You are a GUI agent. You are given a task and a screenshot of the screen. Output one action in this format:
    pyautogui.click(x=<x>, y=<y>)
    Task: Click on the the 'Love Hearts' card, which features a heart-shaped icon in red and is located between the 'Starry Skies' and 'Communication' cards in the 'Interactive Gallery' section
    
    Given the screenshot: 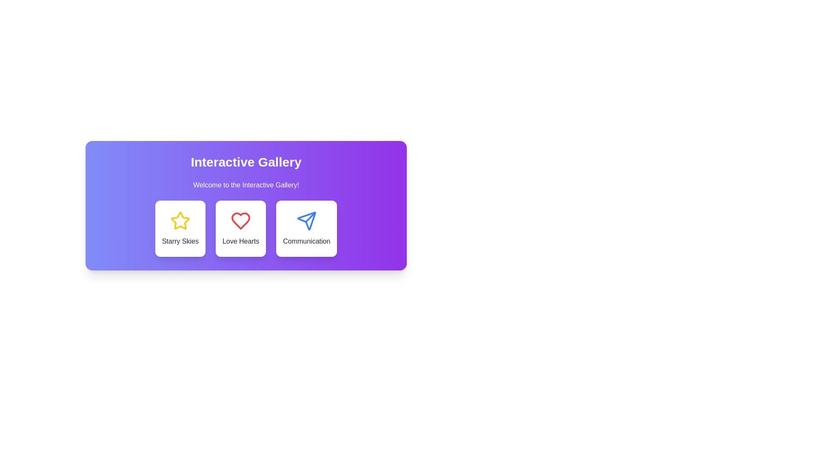 What is the action you would take?
    pyautogui.click(x=246, y=228)
    